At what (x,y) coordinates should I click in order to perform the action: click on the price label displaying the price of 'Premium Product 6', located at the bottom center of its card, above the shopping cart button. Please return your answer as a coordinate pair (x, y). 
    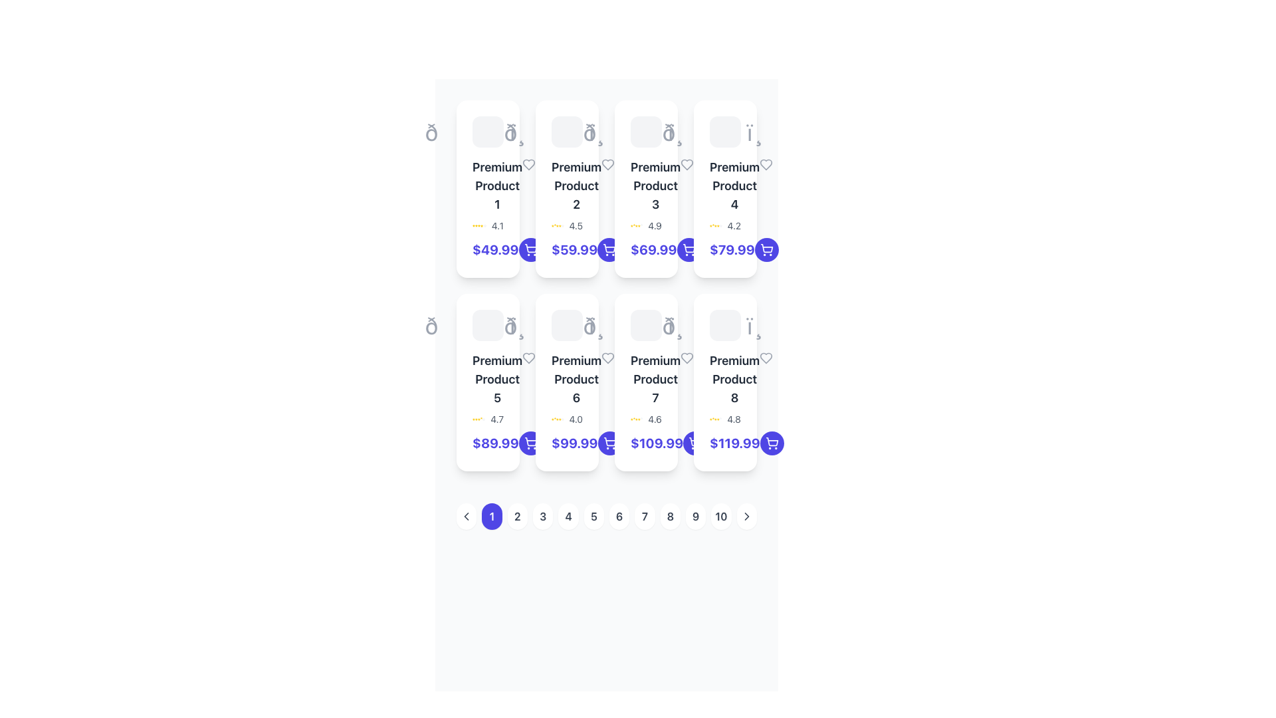
    Looking at the image, I should click on (567, 443).